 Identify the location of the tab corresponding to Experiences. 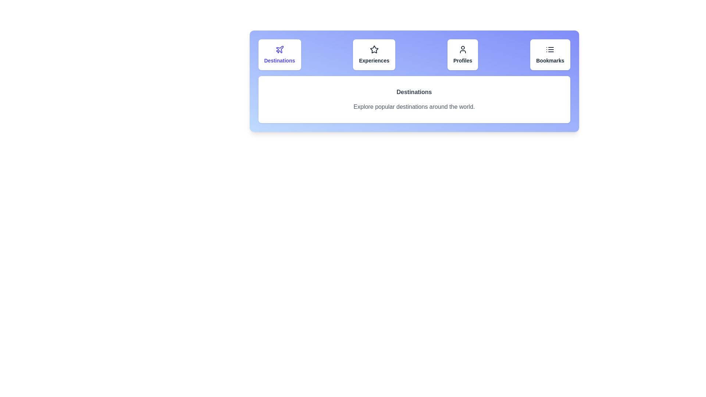
(374, 54).